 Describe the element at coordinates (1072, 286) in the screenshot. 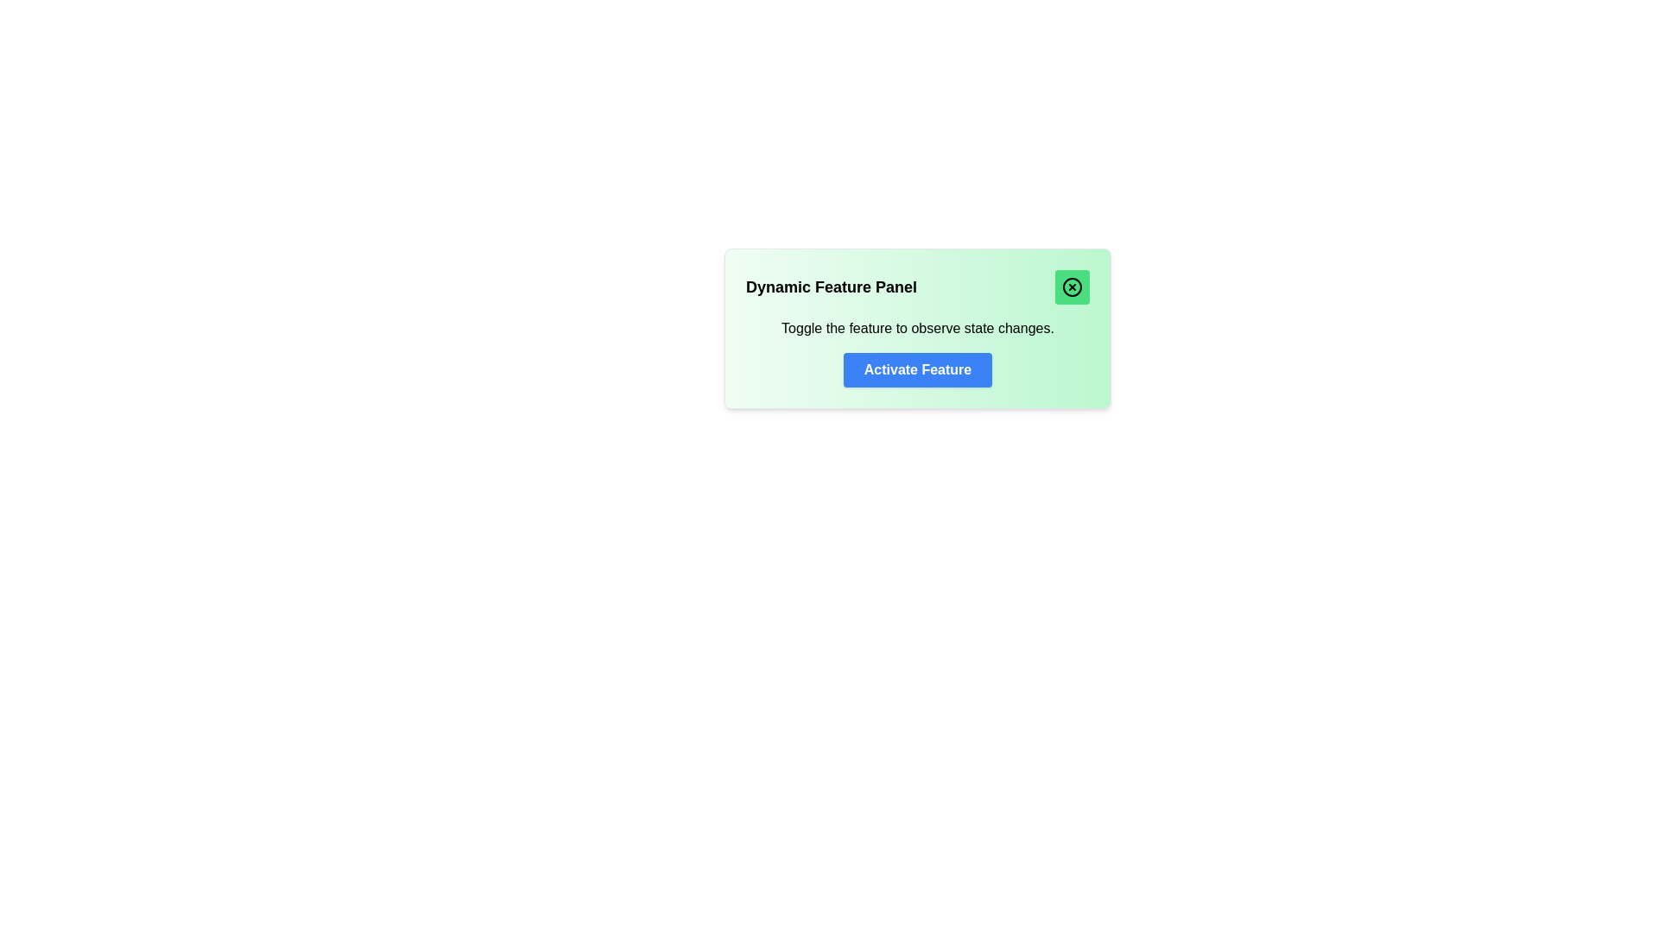

I see `the SVG circle located in the top-right corner of the green 'Dynamic Feature Panel', which serves as a graphical representation for closure or cancellation` at that location.